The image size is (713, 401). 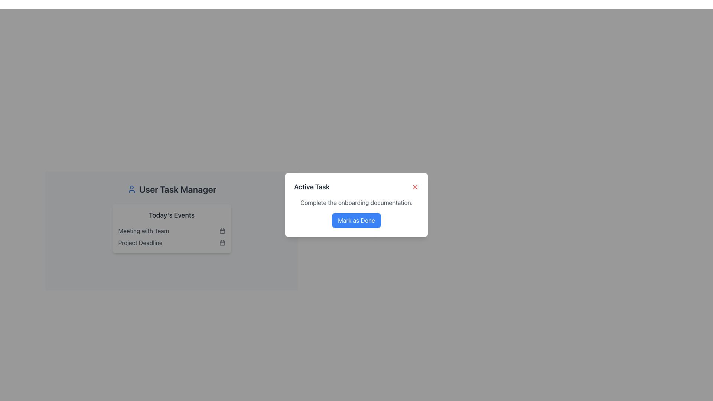 What do you see at coordinates (356, 205) in the screenshot?
I see `task description text 'Complete the onboarding documentation.' from the modal dialog titled 'Active Task', which is displayed centrally in the interface` at bounding box center [356, 205].